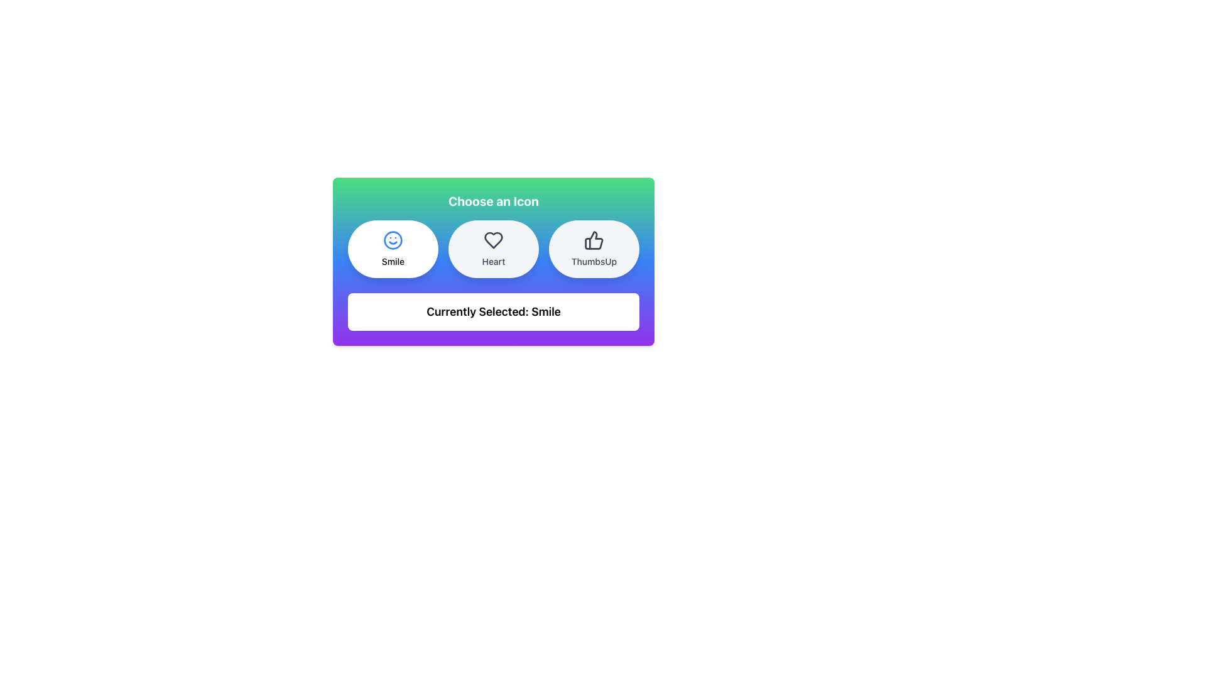  I want to click on the 'Heart' text label, which serves as a caption for the heart-shaped icon above it, to trigger any tooltip or visual effect, so click(493, 261).